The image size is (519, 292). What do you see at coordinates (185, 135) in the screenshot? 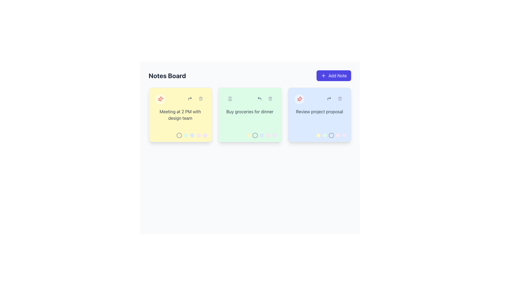
I see `the second circular selectable icon with a light green background and thin gray border located at the bottom-right corner of the yellow card titled 'Meeting at 2 PM with design team.'` at bounding box center [185, 135].